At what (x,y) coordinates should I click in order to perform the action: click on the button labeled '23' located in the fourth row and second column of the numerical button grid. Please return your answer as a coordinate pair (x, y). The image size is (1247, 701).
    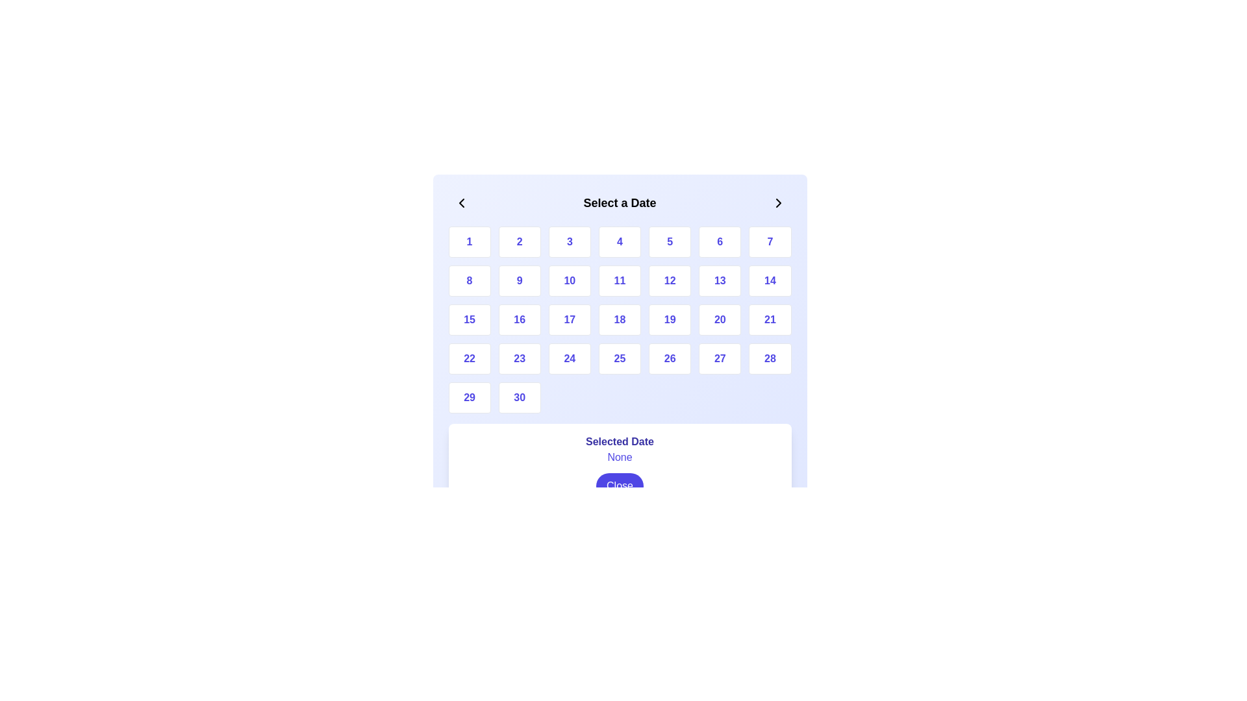
    Looking at the image, I should click on (520, 358).